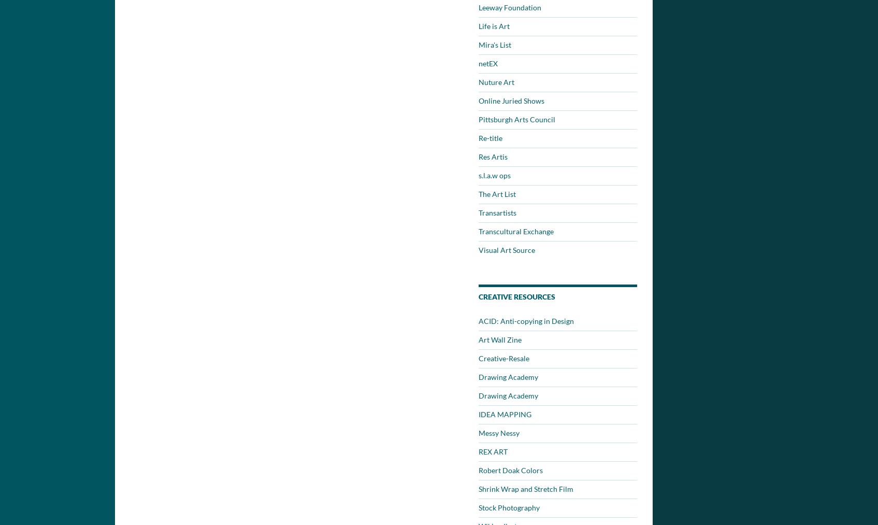 The width and height of the screenshot is (878, 525). What do you see at coordinates (478, 175) in the screenshot?
I see `'s.l.a.w ops'` at bounding box center [478, 175].